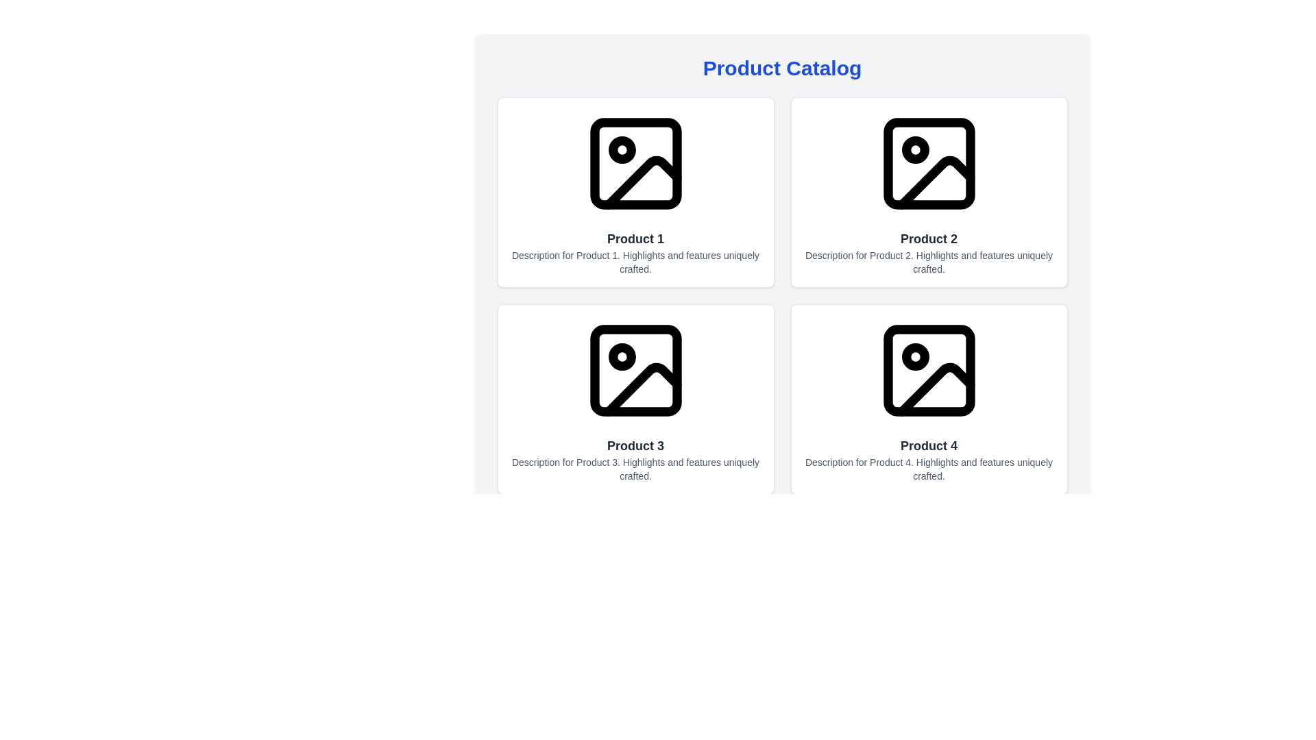 The image size is (1316, 740). What do you see at coordinates (635, 446) in the screenshot?
I see `text of the label that identifies the product within the second row, first column of the product catalog card, located below the image and above the description block` at bounding box center [635, 446].